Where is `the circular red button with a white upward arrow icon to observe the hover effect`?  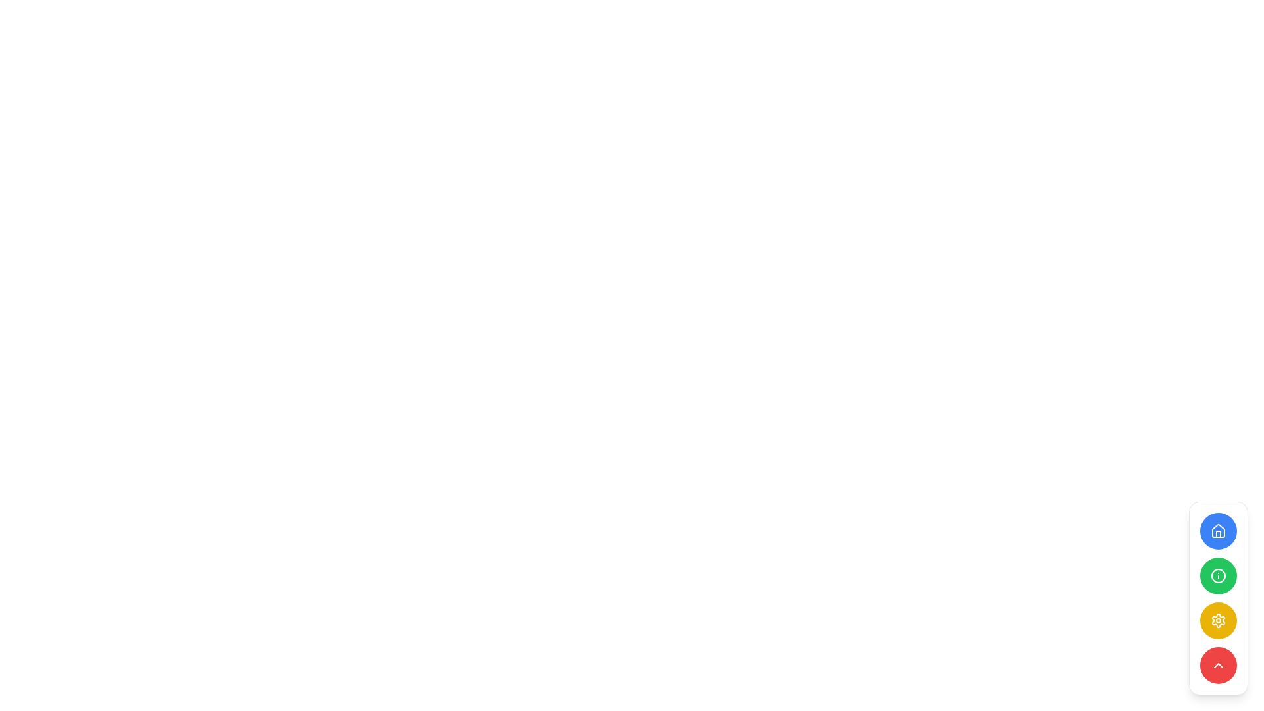 the circular red button with a white upward arrow icon to observe the hover effect is located at coordinates (1218, 665).